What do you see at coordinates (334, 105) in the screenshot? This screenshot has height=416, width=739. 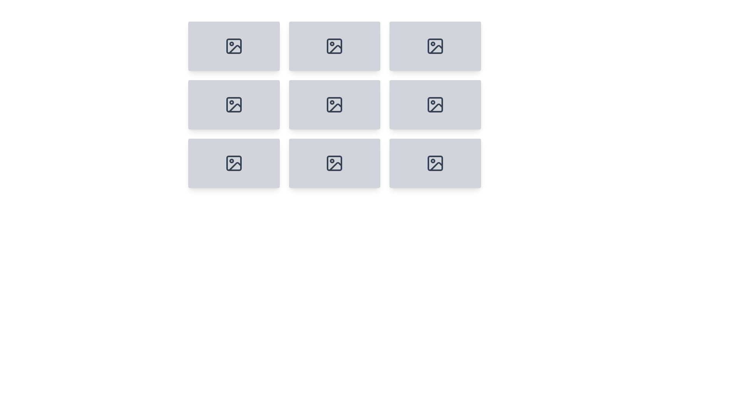 I see `the Grid Item Placeholder in the middle of the second row of the grid gallery layout to interact with the image` at bounding box center [334, 105].